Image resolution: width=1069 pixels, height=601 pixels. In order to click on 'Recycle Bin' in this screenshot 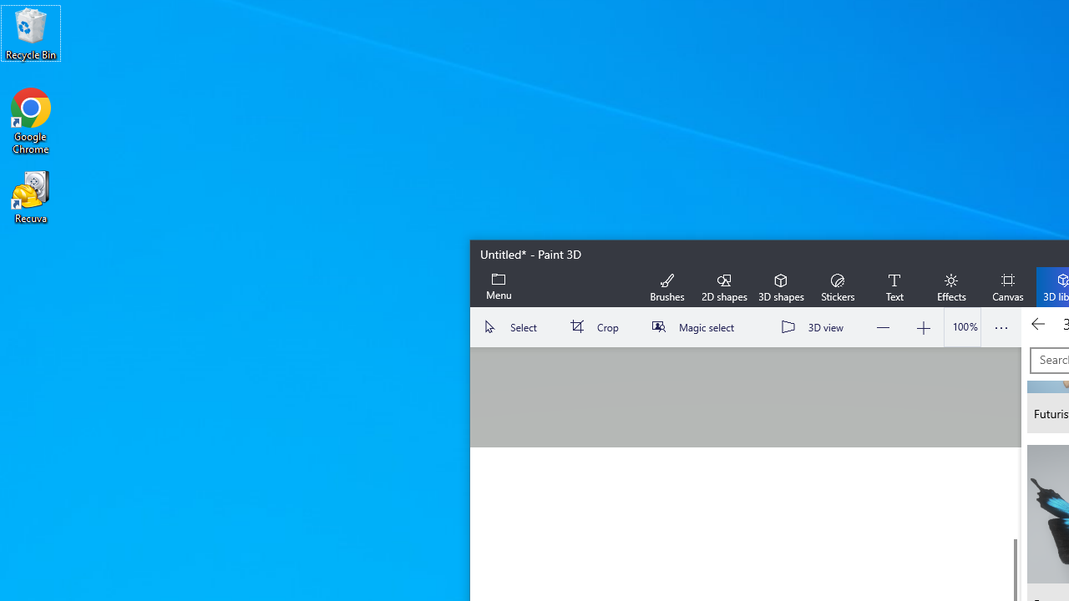, I will do `click(31, 33)`.